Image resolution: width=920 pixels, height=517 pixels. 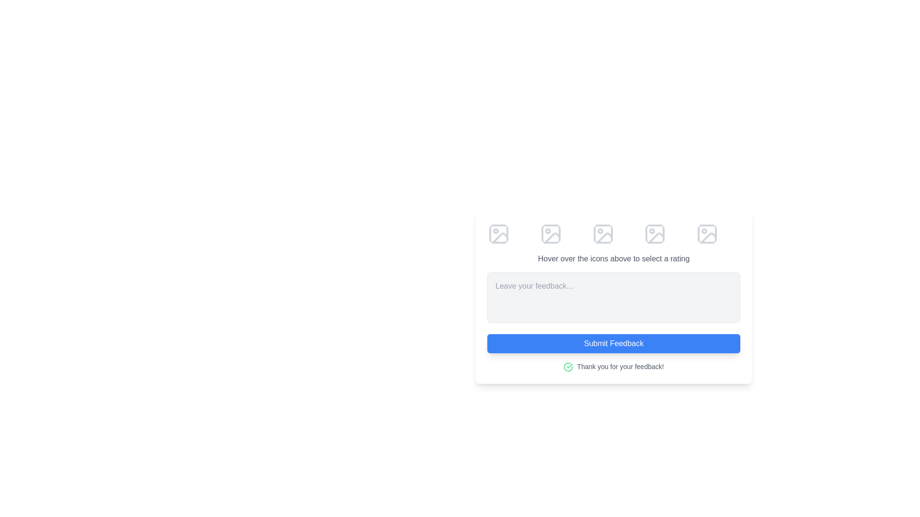 I want to click on the UI Decorative Element that is centrally positioned within the fourth icon in the row of icons at the top of the feedback form layout, so click(x=655, y=234).